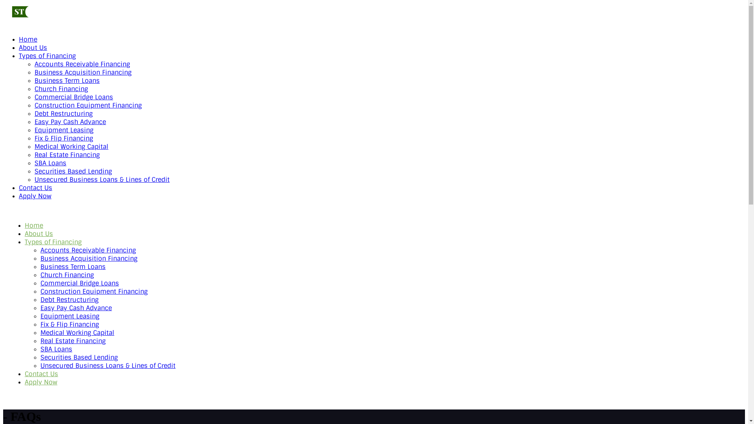  I want to click on 'Real Estate Financing', so click(67, 155).